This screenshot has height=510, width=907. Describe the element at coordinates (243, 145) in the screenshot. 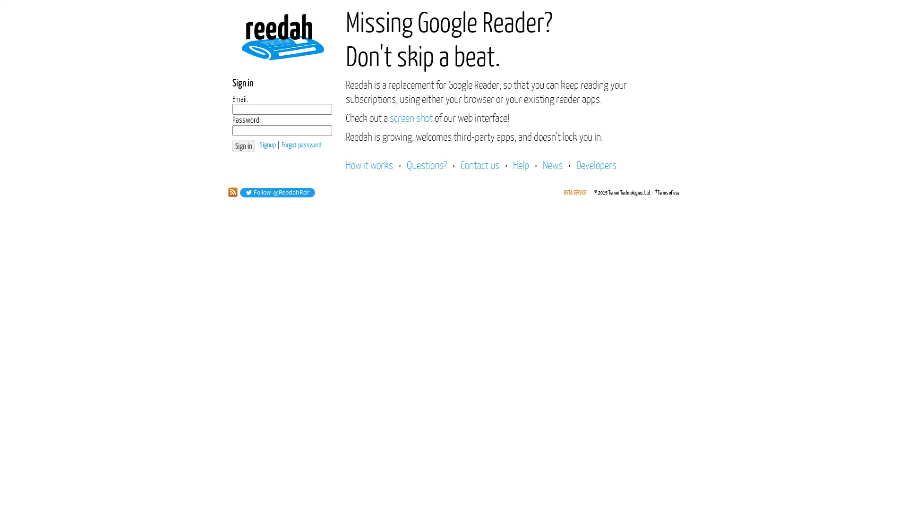

I see `Sign in` at that location.